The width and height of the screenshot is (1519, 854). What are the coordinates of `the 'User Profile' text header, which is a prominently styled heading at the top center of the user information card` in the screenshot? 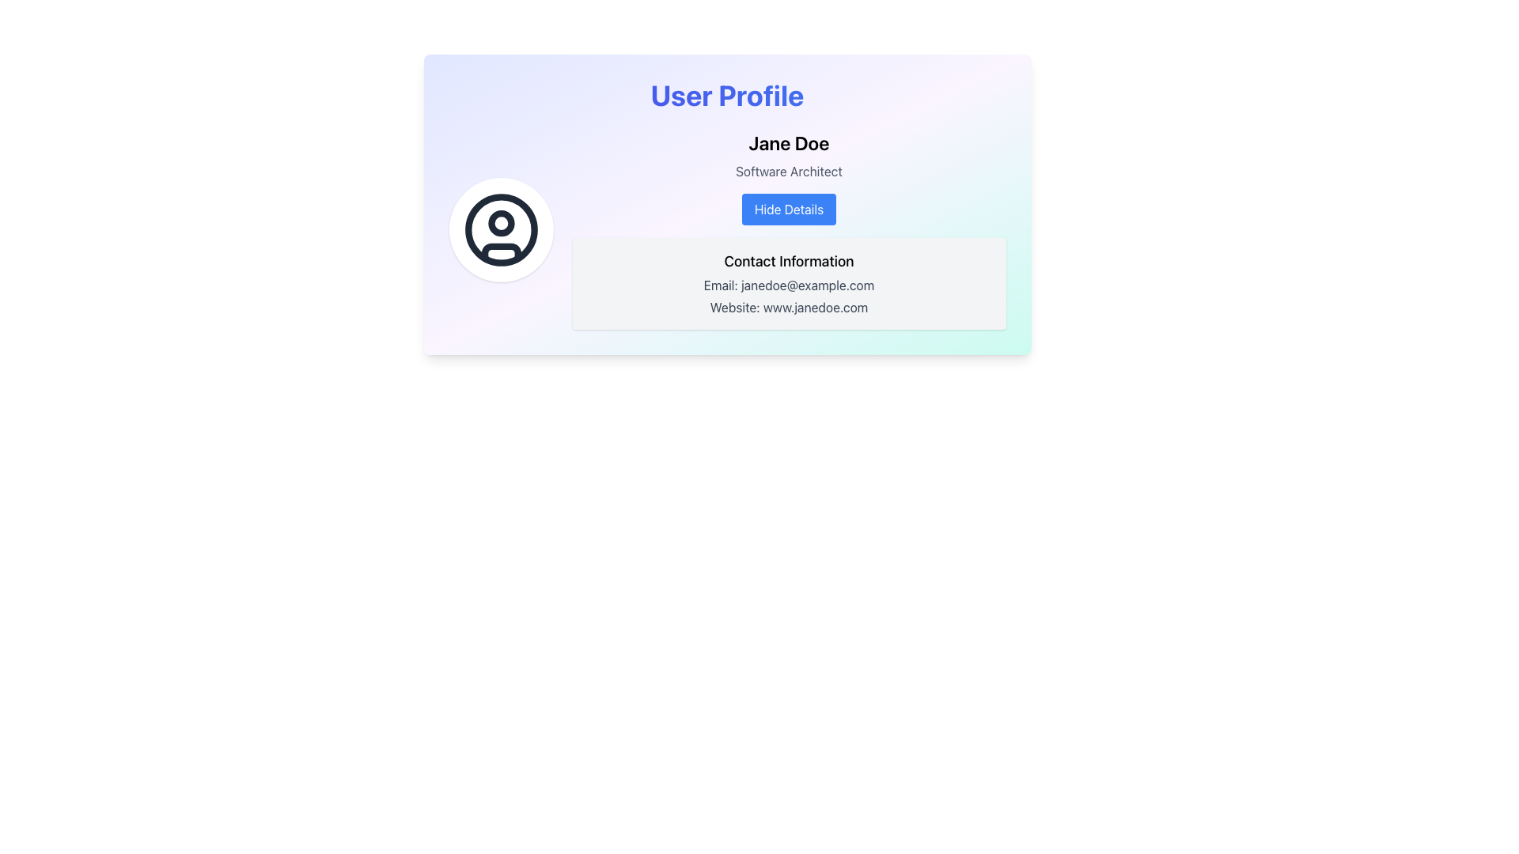 It's located at (726, 95).